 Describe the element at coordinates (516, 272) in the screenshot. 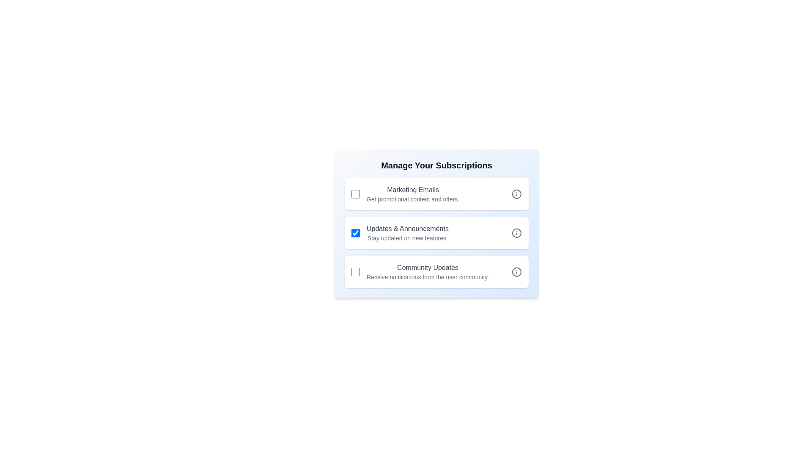

I see `'Info' icon next to 'Community Updates'` at that location.